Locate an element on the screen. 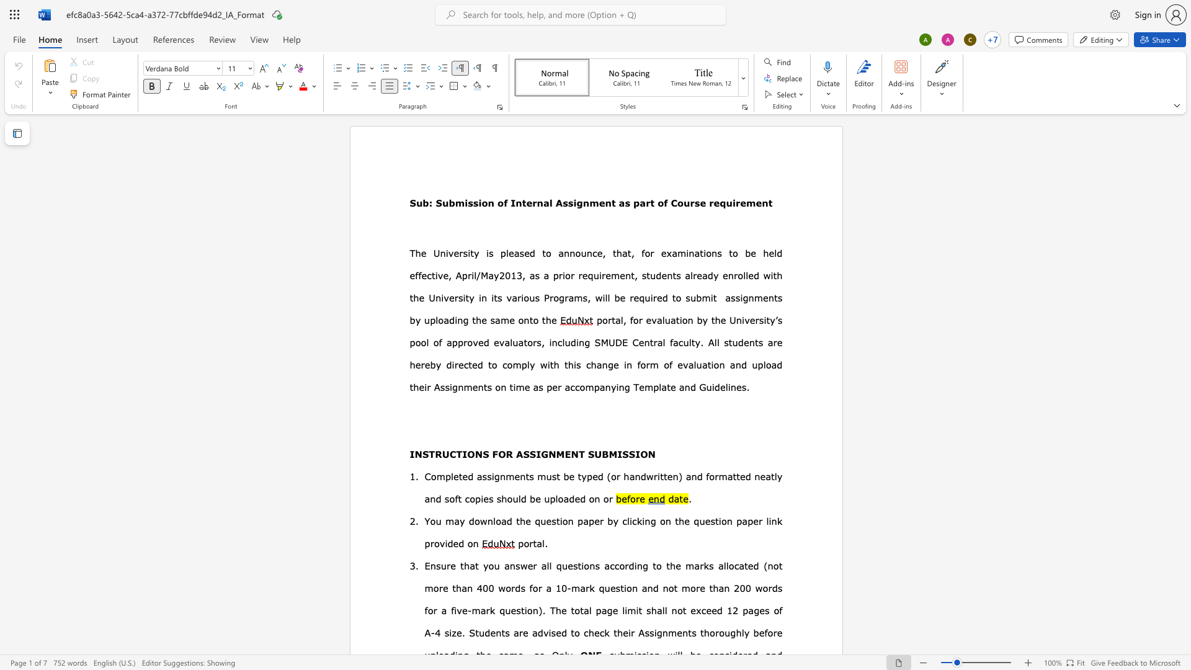 The width and height of the screenshot is (1191, 670). the space between the continuous character "(" and "o" in the text is located at coordinates (611, 475).